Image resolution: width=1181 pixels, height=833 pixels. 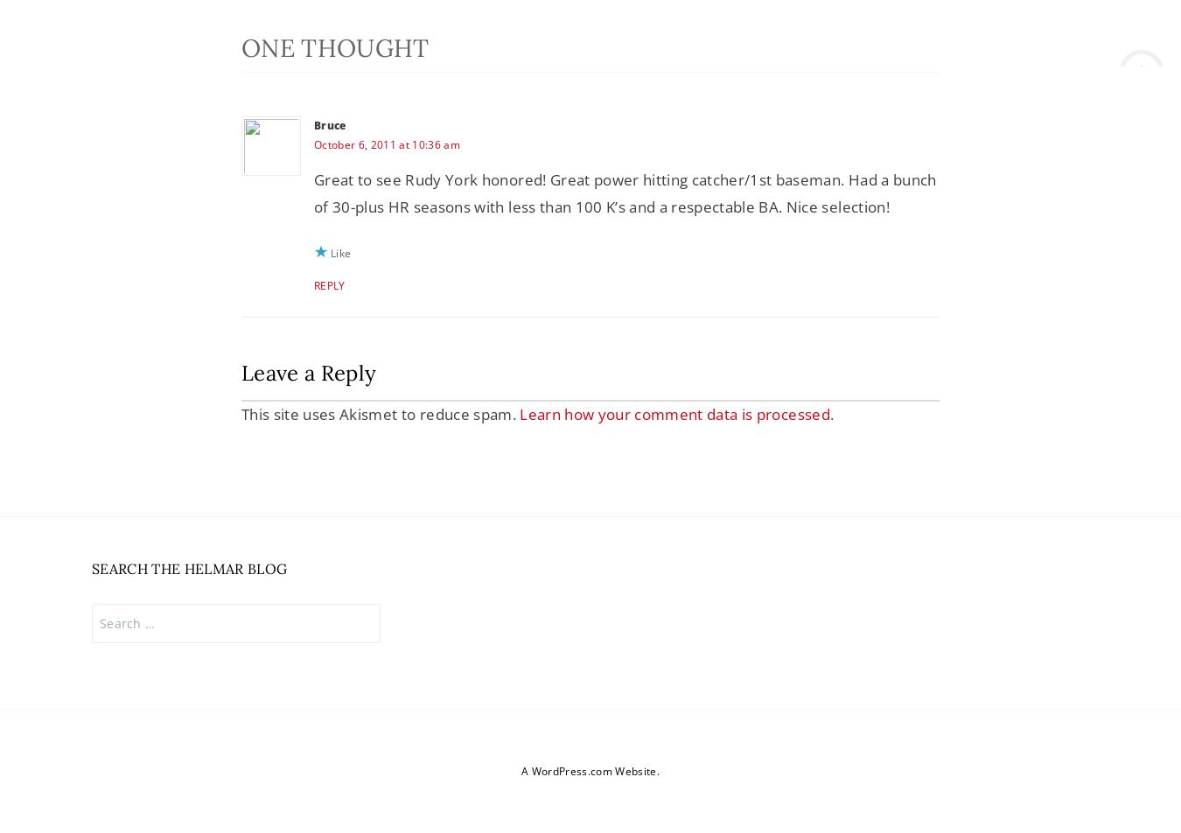 What do you see at coordinates (624, 192) in the screenshot?
I see `'Great to see Rudy York honored! Great power hitting catcher/1st baseman. Had a bunch of 30-plus HR seasons with less than 100 K’s and a respectable BA. Nice selection!'` at bounding box center [624, 192].